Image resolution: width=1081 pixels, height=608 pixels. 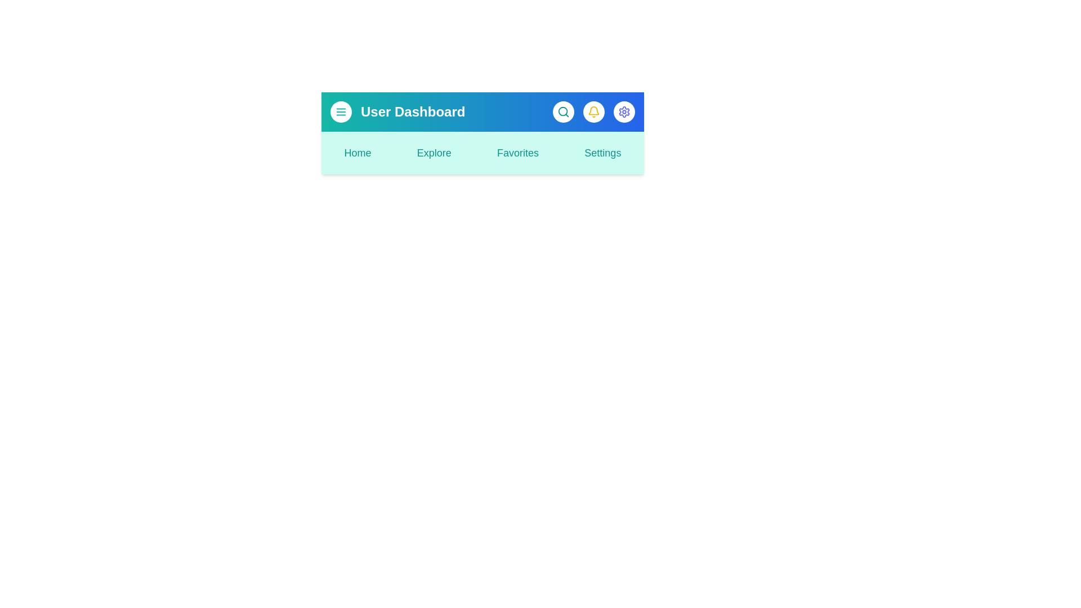 I want to click on the menu button to toggle the main menu visibility, so click(x=340, y=112).